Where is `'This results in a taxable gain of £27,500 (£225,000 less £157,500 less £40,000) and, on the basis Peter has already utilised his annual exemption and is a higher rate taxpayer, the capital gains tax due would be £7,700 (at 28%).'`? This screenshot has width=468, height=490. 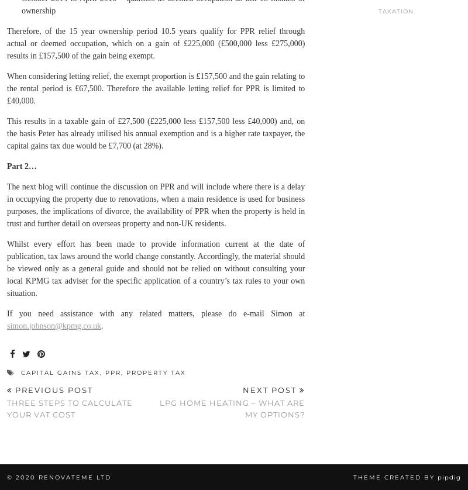 'This results in a taxable gain of £27,500 (£225,000 less £157,500 less £40,000) and, on the basis Peter has already utilised his annual exemption and is a higher rate taxpayer, the capital gains tax due would be £7,700 (at 28%).' is located at coordinates (7, 132).